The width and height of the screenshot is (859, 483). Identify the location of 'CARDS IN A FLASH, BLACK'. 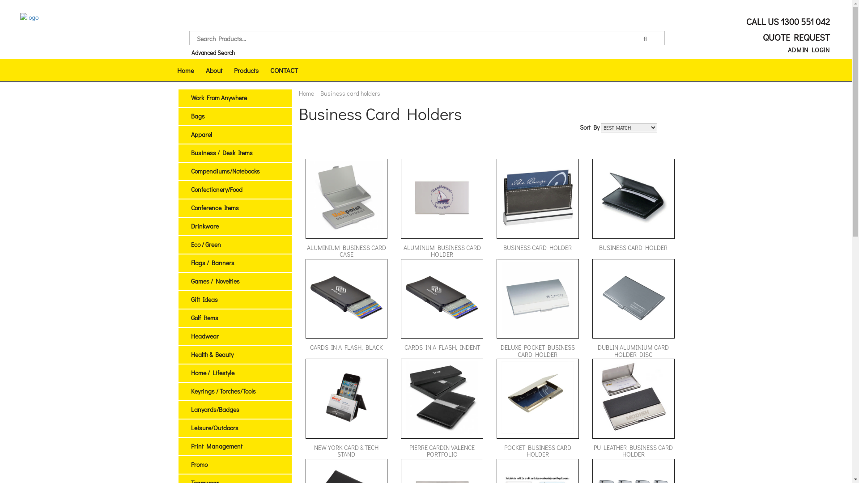
(345, 308).